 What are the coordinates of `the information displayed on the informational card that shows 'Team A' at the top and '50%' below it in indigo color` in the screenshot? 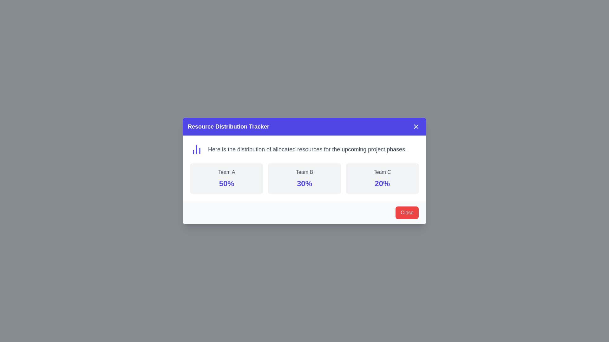 It's located at (226, 178).